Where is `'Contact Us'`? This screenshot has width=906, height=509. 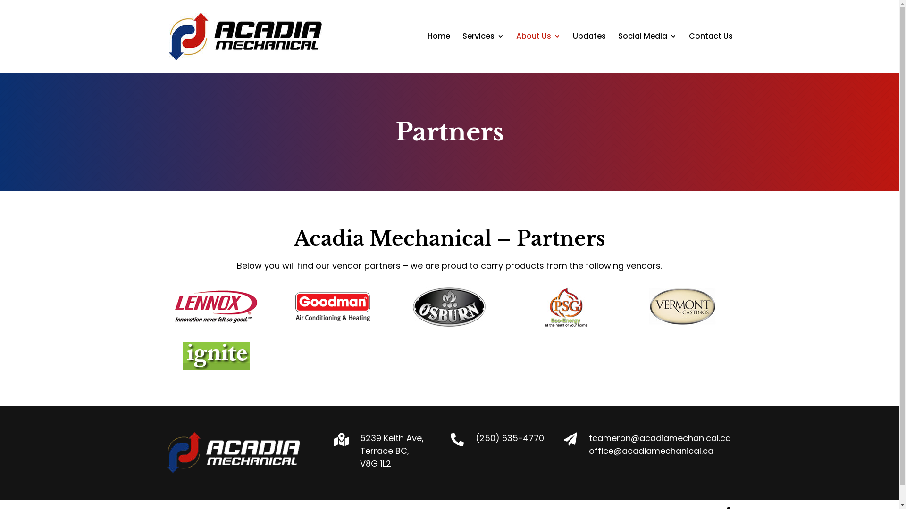 'Contact Us' is located at coordinates (711, 52).